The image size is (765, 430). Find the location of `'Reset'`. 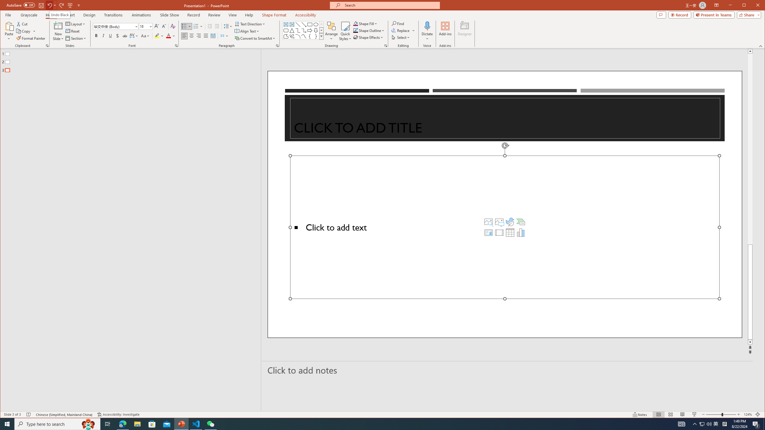

'Reset' is located at coordinates (73, 31).